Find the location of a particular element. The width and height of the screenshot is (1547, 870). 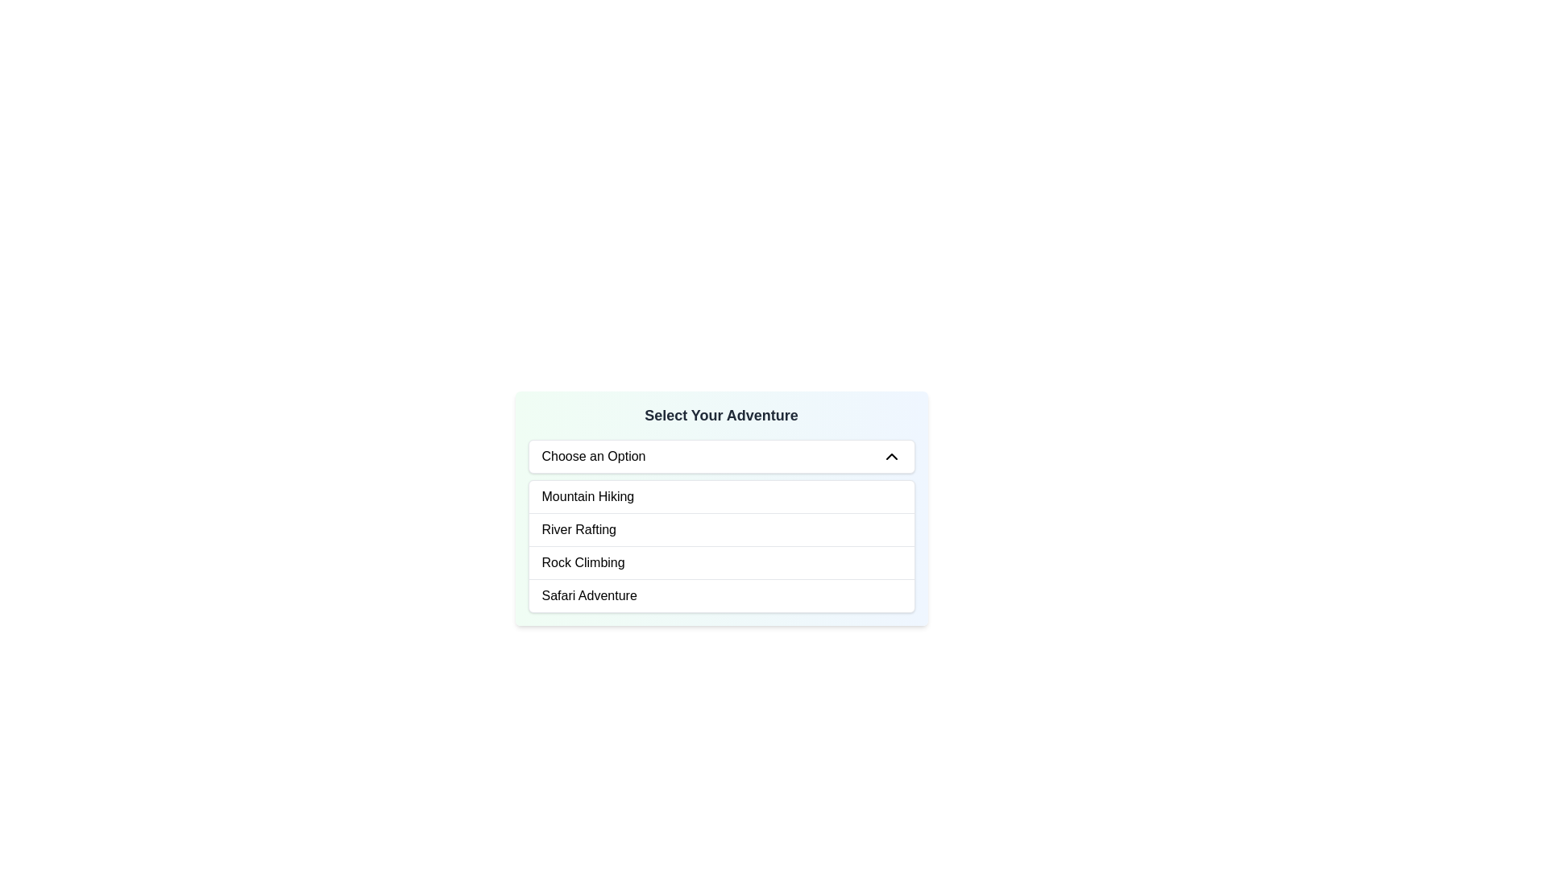

the 'Rock Climbing' text label, which is the third option in the dropdown list titled 'Select Your Adventure' is located at coordinates (583, 561).